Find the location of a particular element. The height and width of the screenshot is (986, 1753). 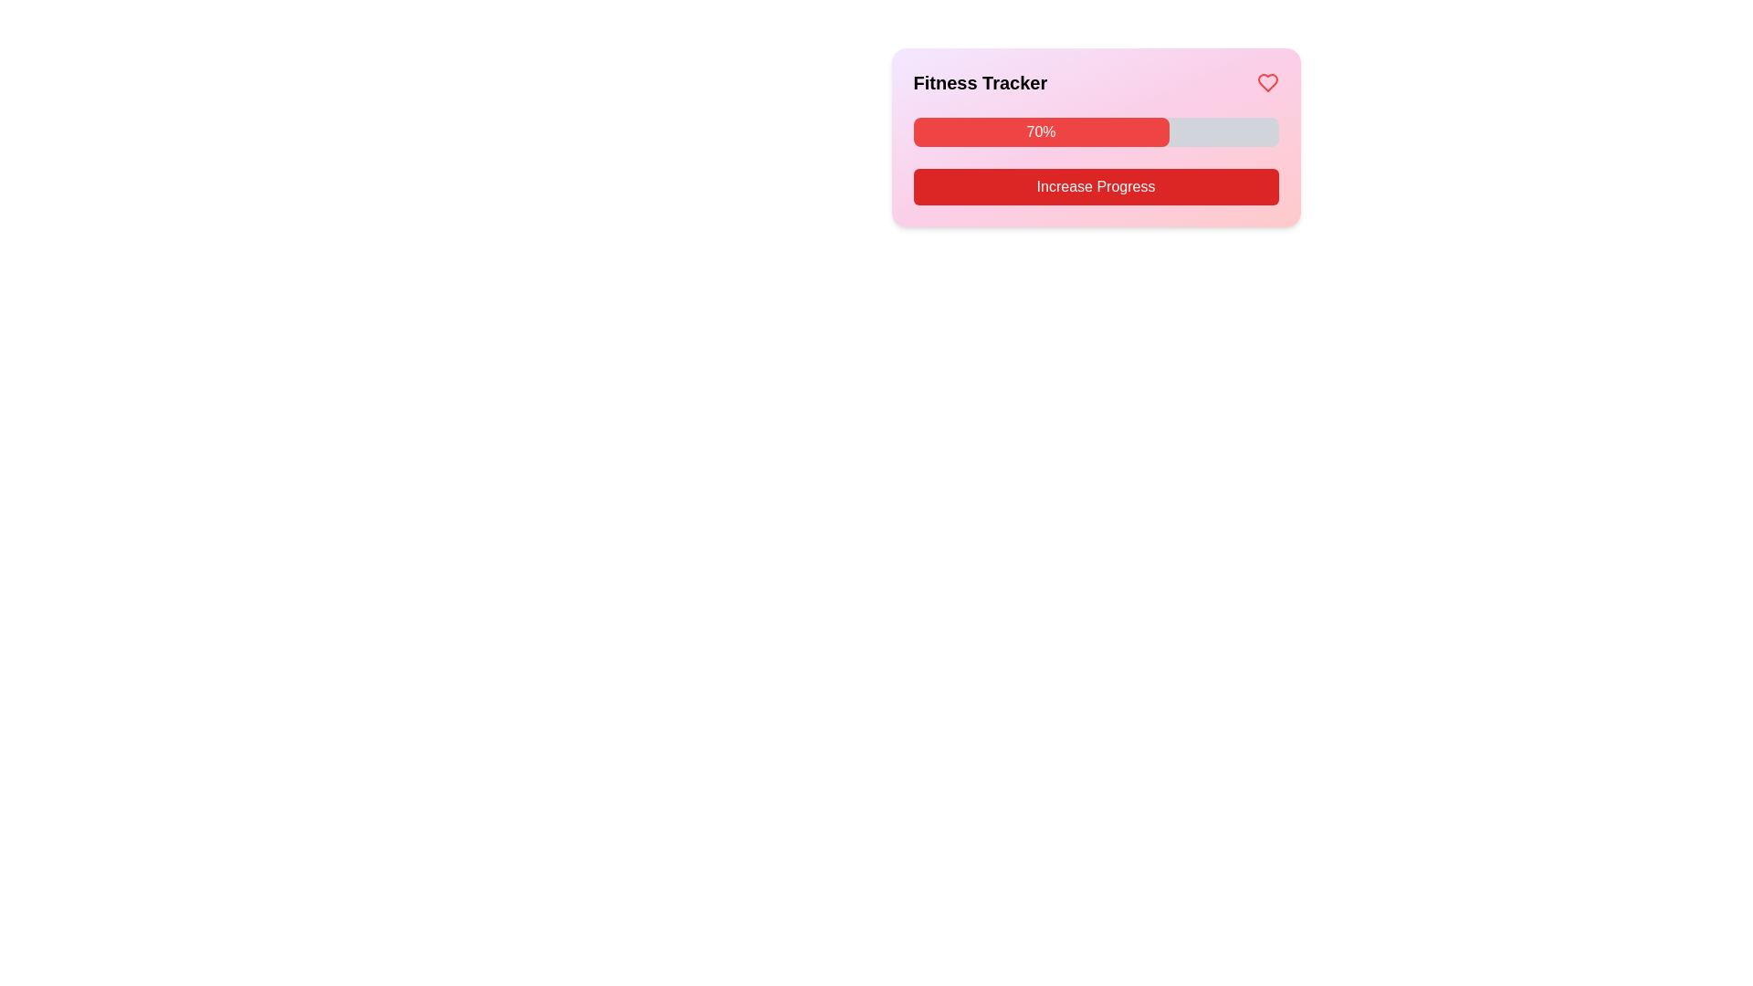

the progress bar element that is centrally located below the heading 'Fitness Tracker' and above the button labeled 'Increase Progress', which shows a red filled portion with '70%' text is located at coordinates (1096, 131).